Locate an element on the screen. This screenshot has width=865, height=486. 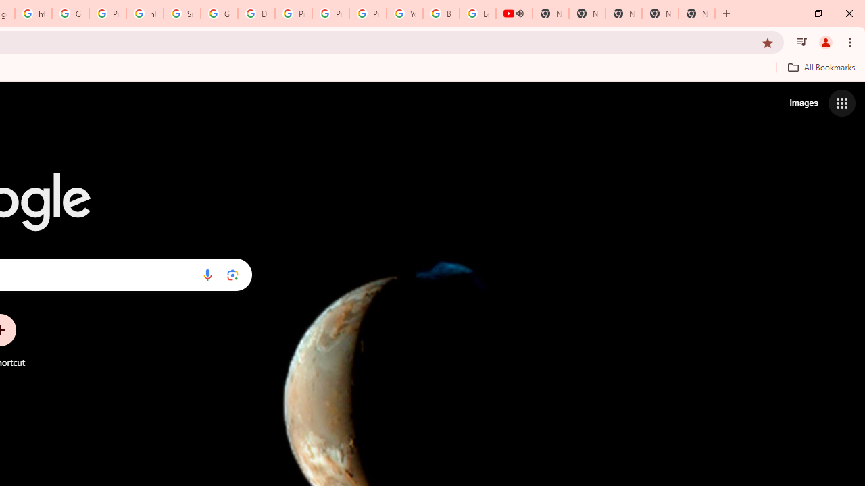
'Search for Images ' is located at coordinates (804, 103).